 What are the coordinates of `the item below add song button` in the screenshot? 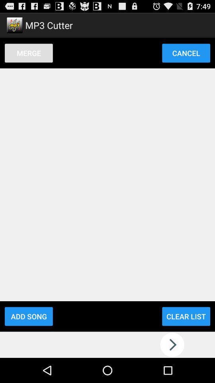 It's located at (107, 344).